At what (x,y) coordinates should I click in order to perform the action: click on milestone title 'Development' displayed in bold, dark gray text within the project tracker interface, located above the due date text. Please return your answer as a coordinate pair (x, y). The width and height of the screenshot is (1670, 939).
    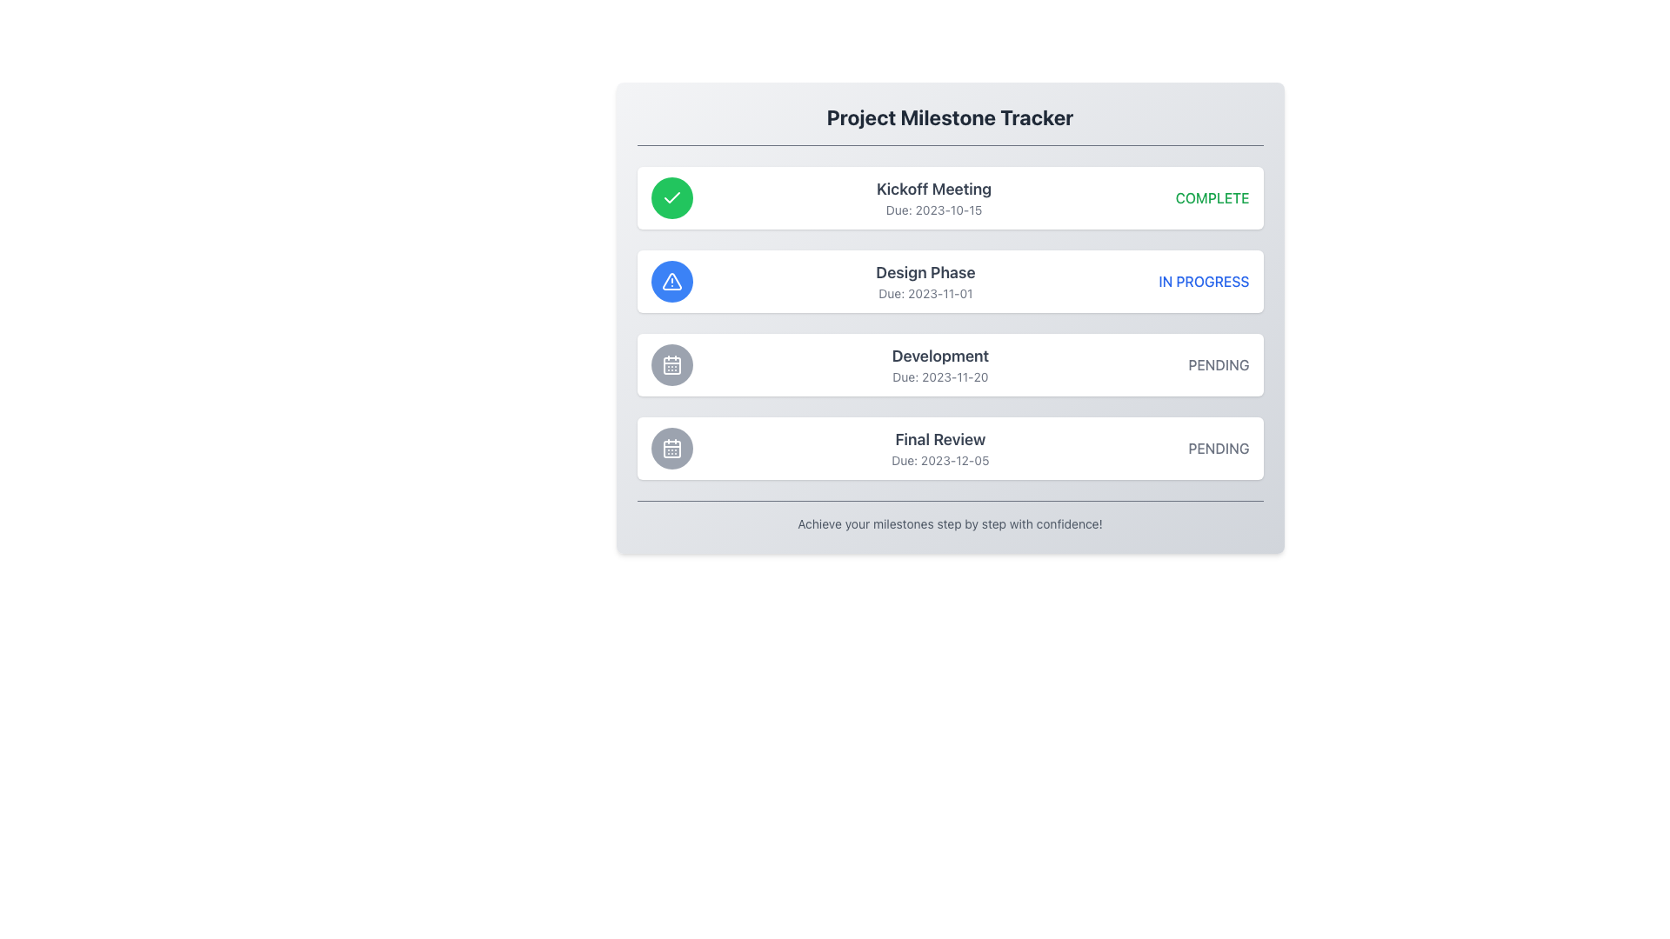
    Looking at the image, I should click on (939, 355).